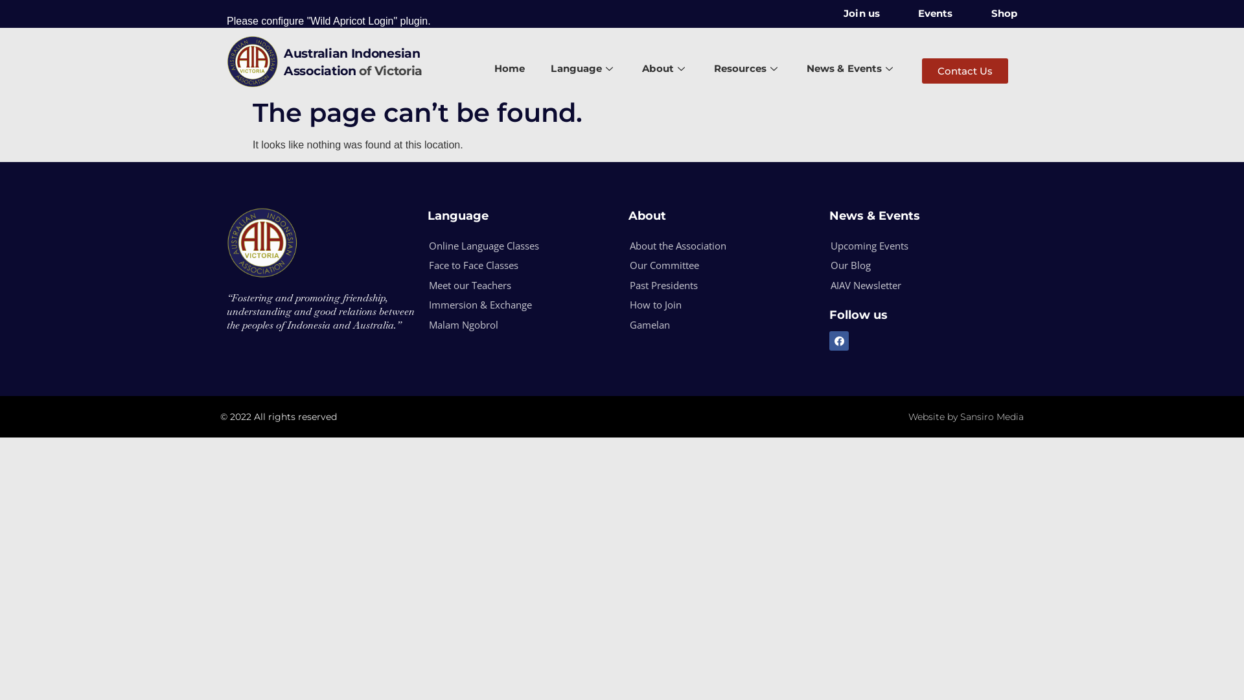 This screenshot has height=700, width=1244. What do you see at coordinates (851, 69) in the screenshot?
I see `'News & Events'` at bounding box center [851, 69].